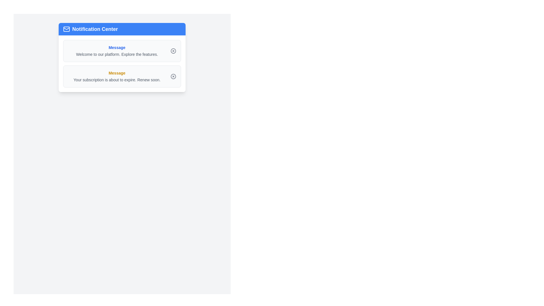  Describe the element at coordinates (67, 28) in the screenshot. I see `on the curved line of the envelope icon located near the top-left corner of the interface, which is part of the Notification Center title` at that location.